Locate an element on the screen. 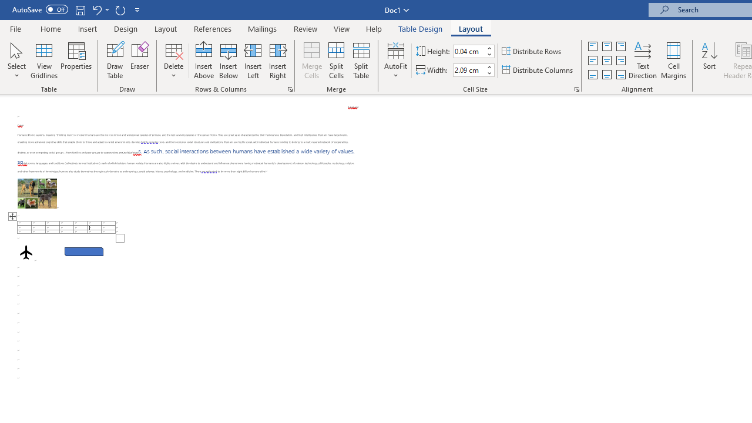  'Sort...' is located at coordinates (709, 61).